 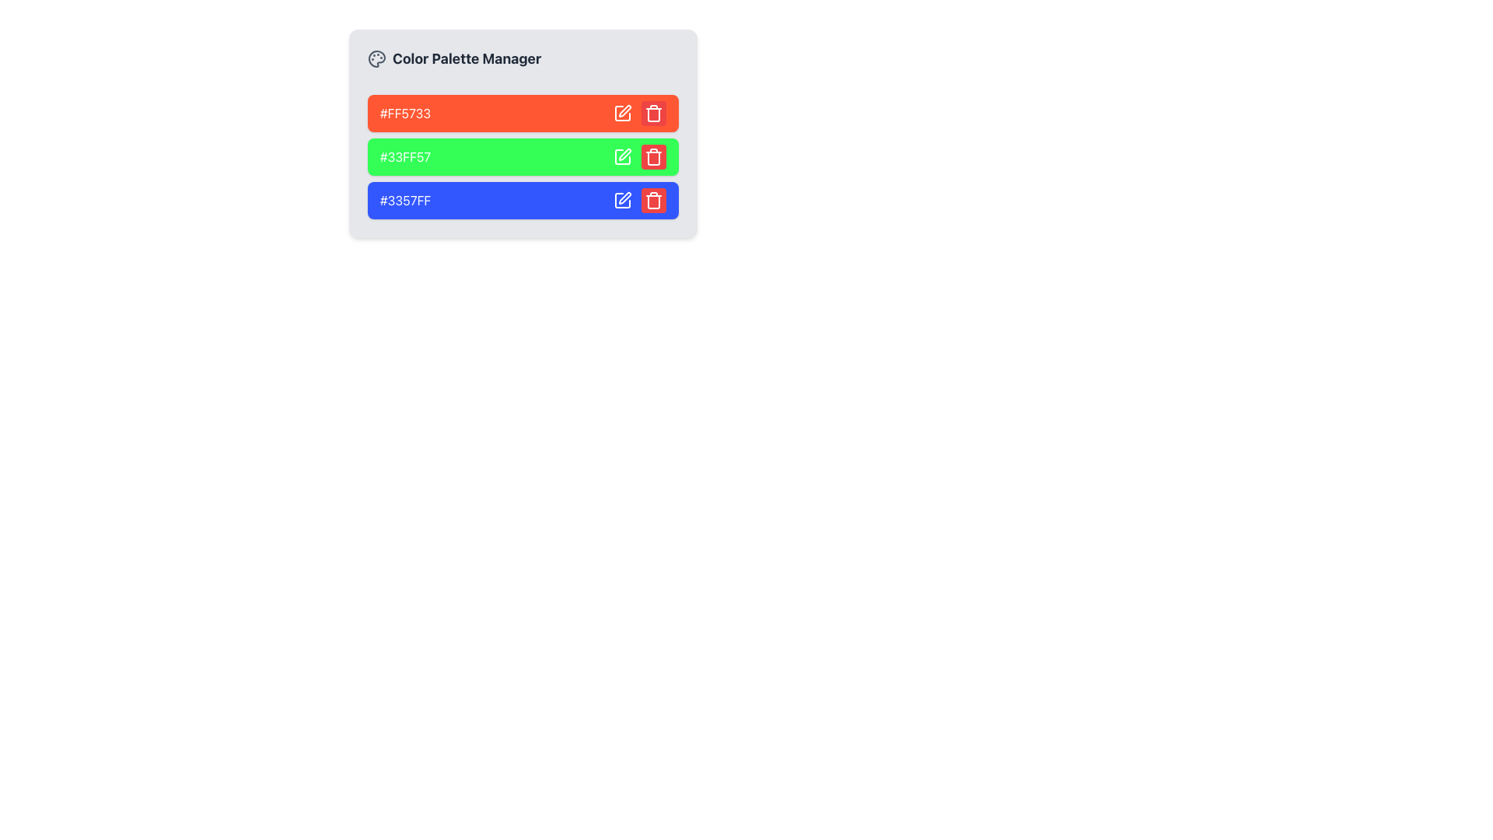 What do you see at coordinates (623, 156) in the screenshot?
I see `the edit button located to the right of the green color block labeled '#33FF57', which is the first icon in a set of interactive controls` at bounding box center [623, 156].